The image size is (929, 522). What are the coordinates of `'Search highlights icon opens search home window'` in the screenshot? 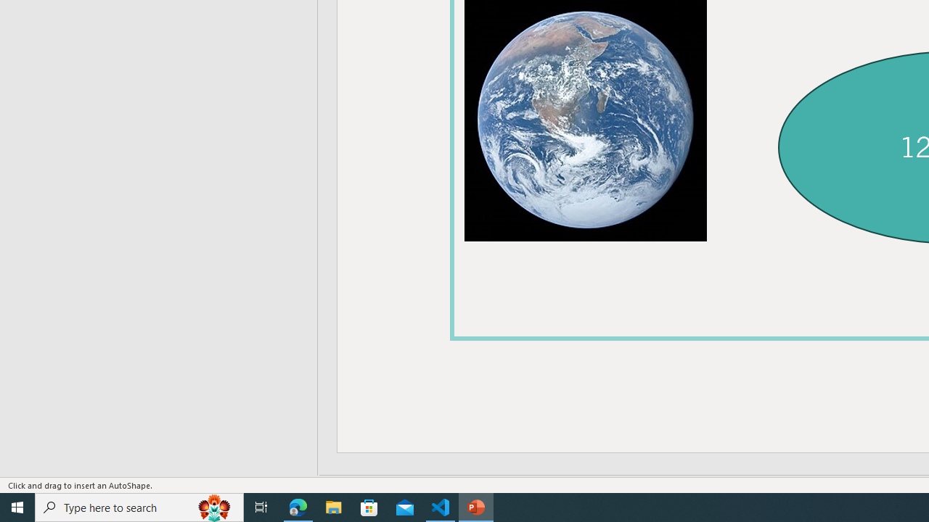 It's located at (213, 506).